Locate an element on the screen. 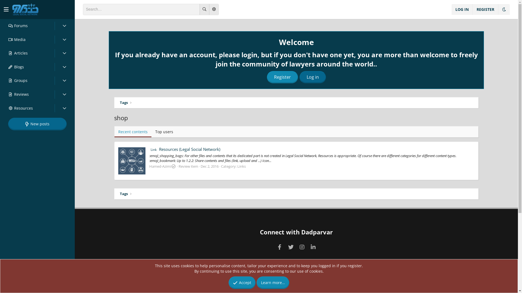  'Twitter' is located at coordinates (290, 247).